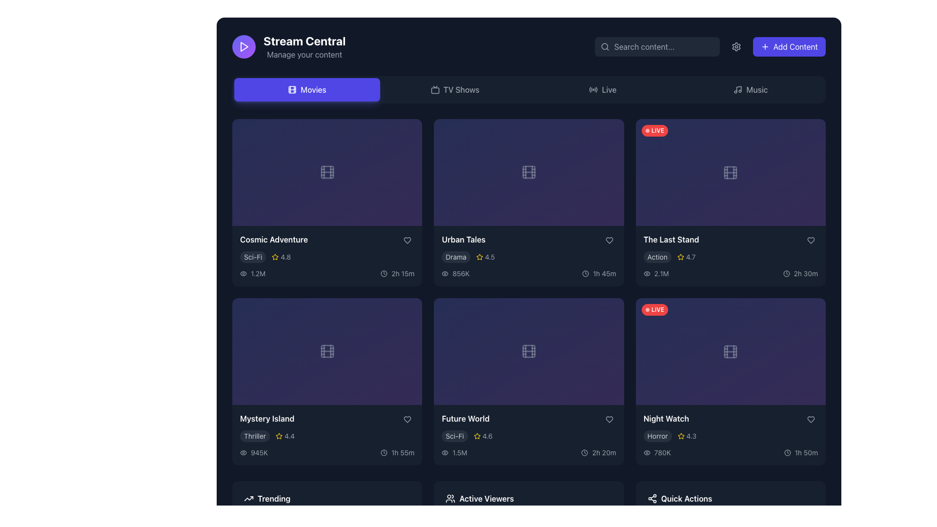  What do you see at coordinates (254, 452) in the screenshot?
I see `text displayed in light gray, which shows the view count '945K' next to the eye icon at the bottom left corner of the 'Mystery Island' card` at bounding box center [254, 452].